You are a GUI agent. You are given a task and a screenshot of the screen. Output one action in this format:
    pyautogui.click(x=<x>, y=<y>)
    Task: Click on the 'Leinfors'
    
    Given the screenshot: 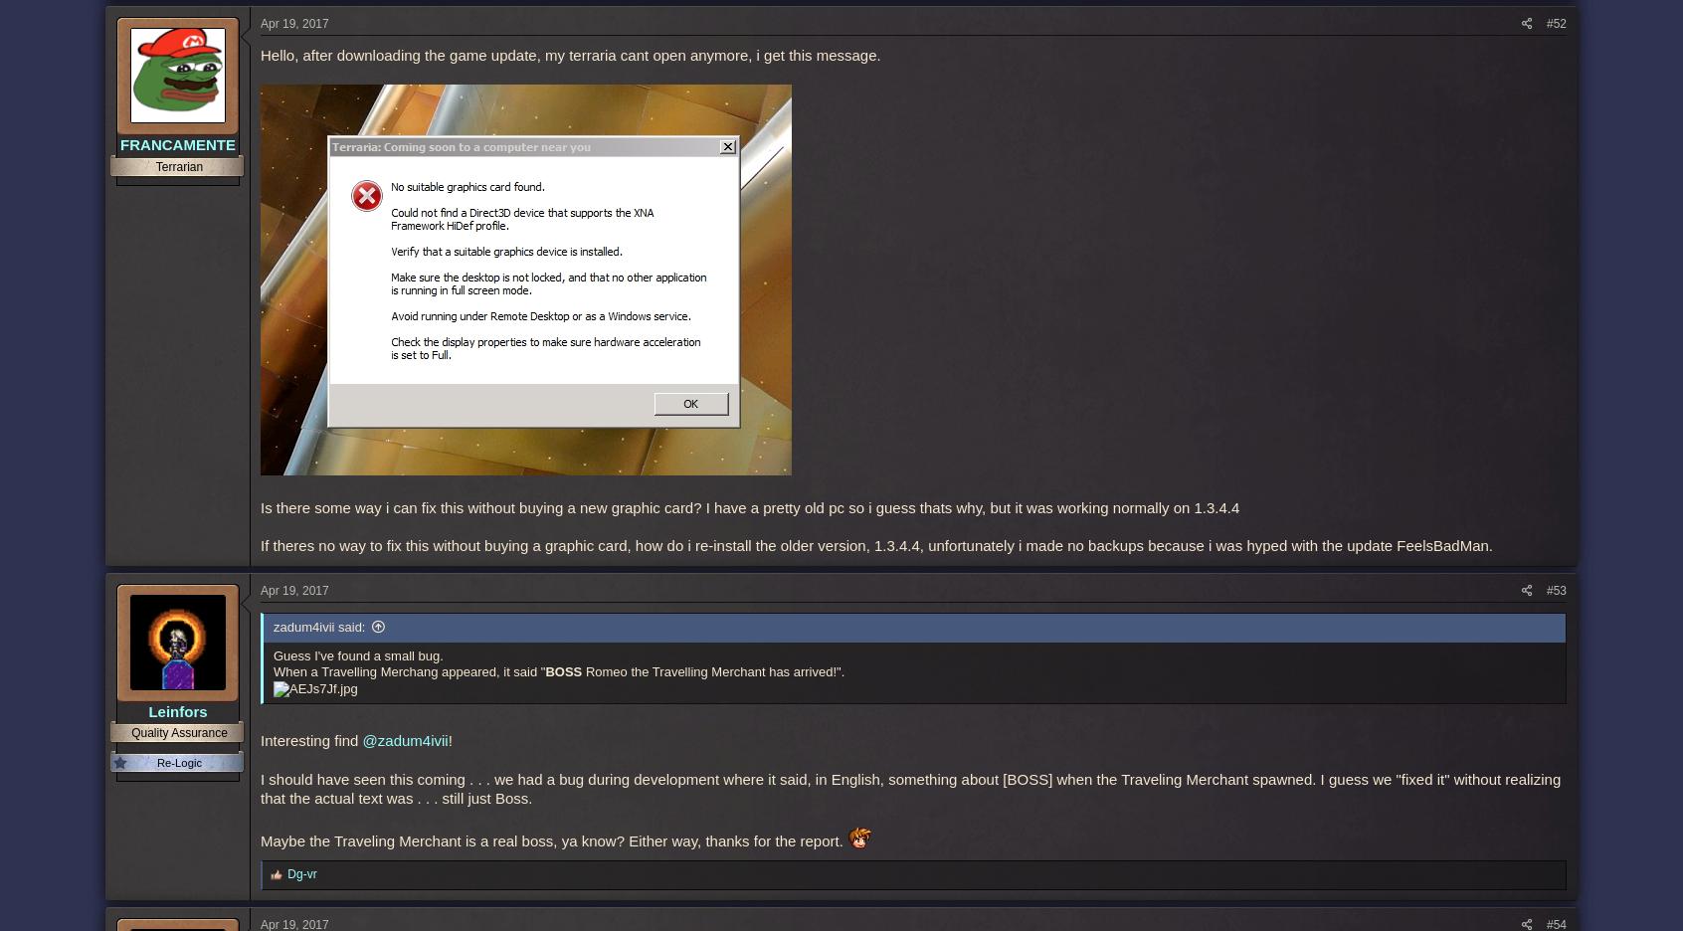 What is the action you would take?
    pyautogui.click(x=176, y=710)
    